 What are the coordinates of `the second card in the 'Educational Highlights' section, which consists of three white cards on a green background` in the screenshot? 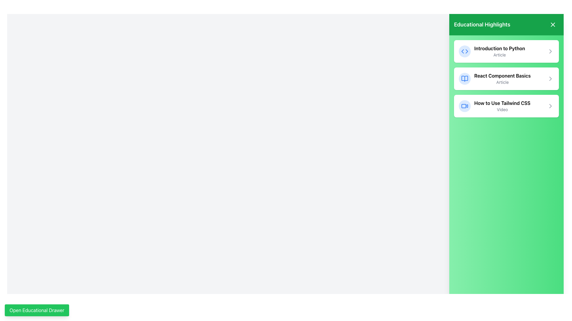 It's located at (506, 78).